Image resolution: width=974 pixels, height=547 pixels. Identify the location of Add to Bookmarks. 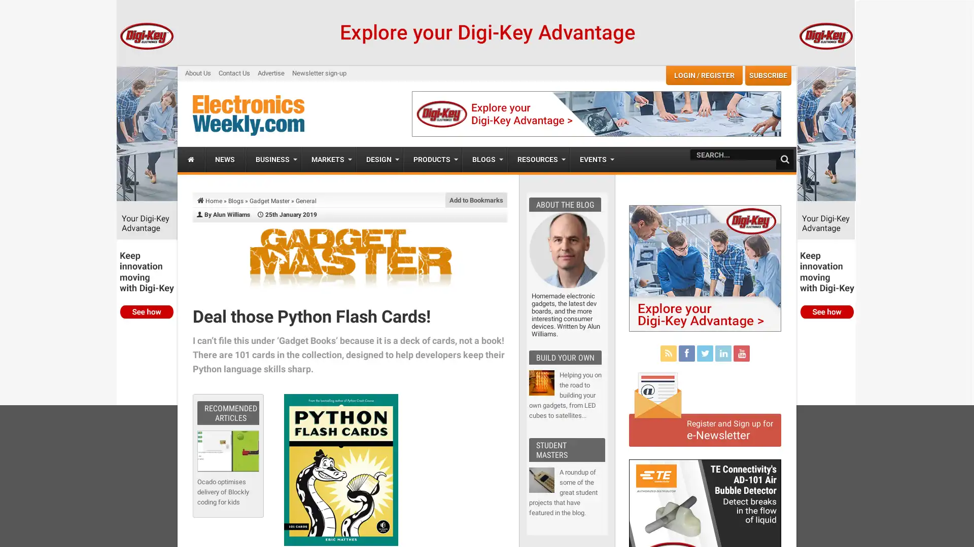
(476, 200).